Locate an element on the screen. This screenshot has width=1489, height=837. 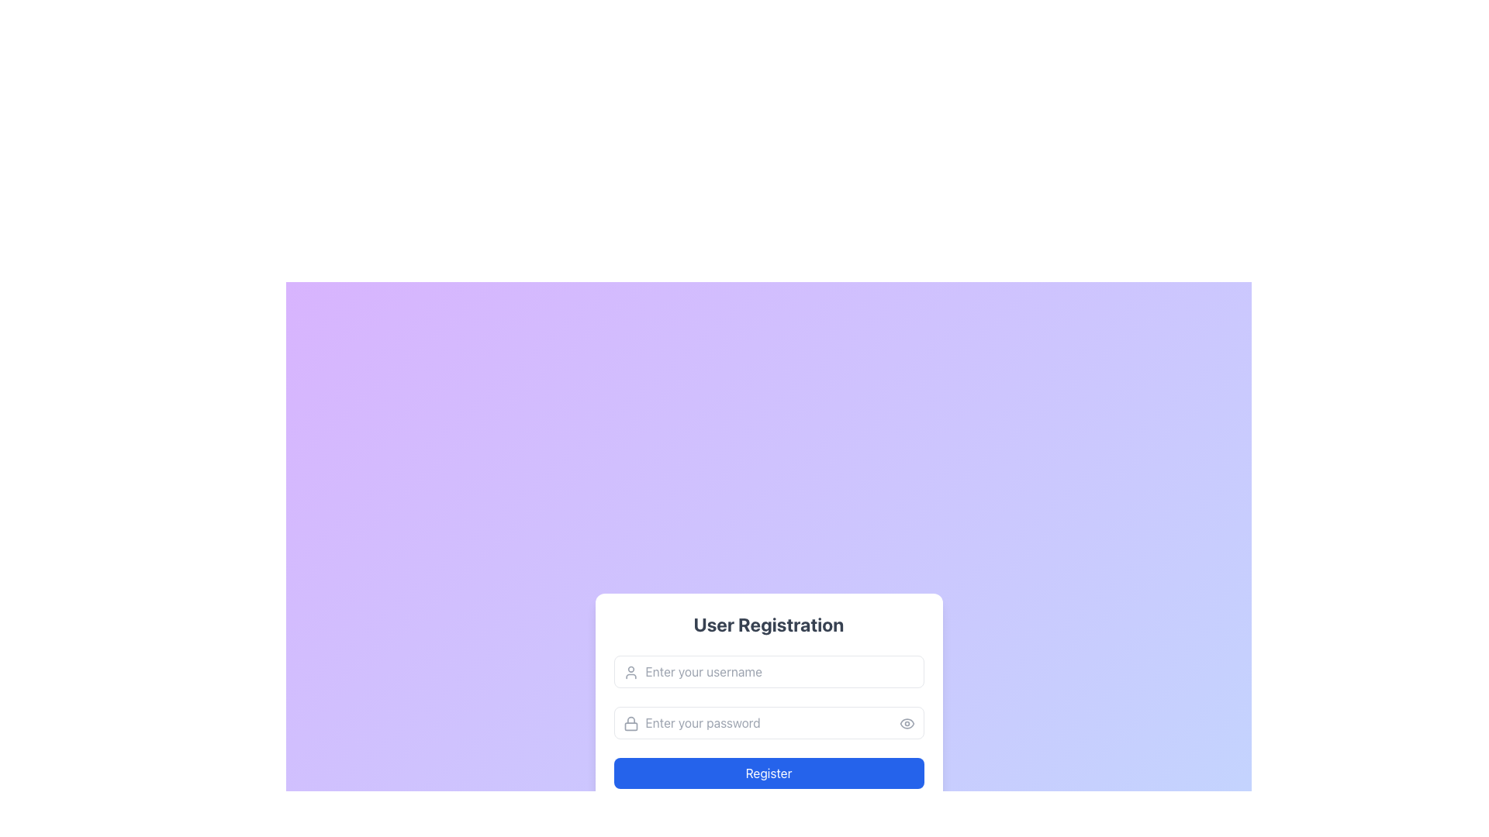
the textual label that serves as the title for the user registration form, located at the top of the registration card component is located at coordinates (769, 624).